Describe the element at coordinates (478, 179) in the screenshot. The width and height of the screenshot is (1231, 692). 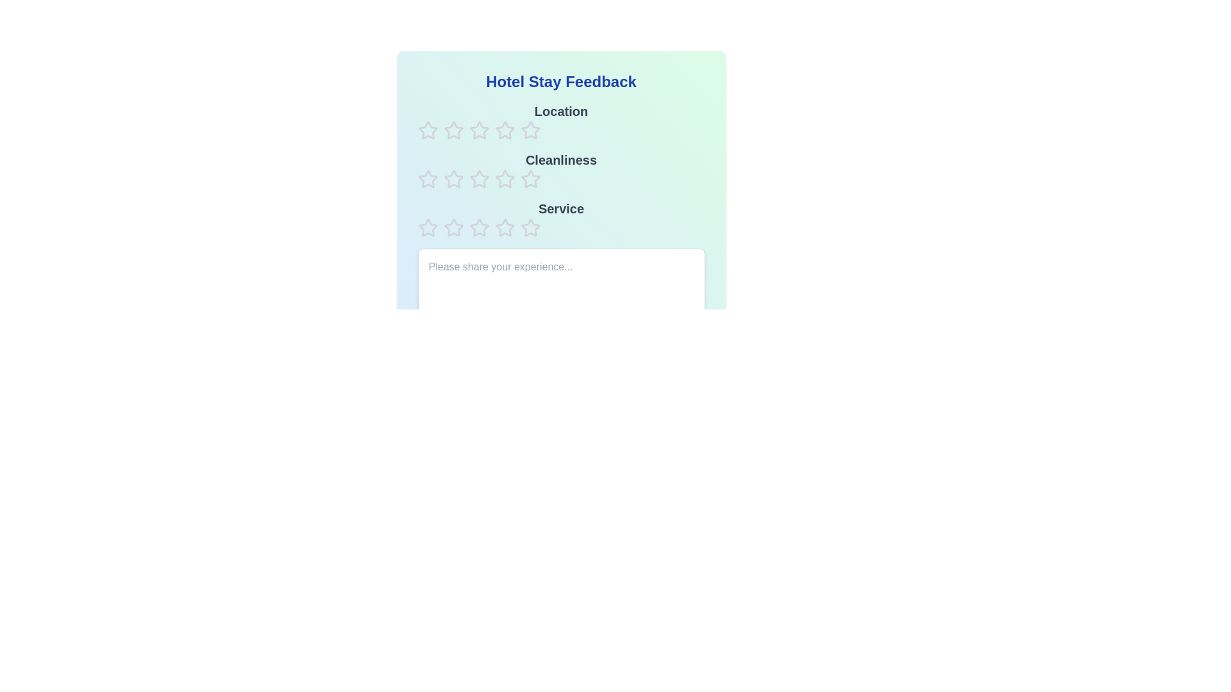
I see `the fourth star in the 'Cleanliness' row` at that location.